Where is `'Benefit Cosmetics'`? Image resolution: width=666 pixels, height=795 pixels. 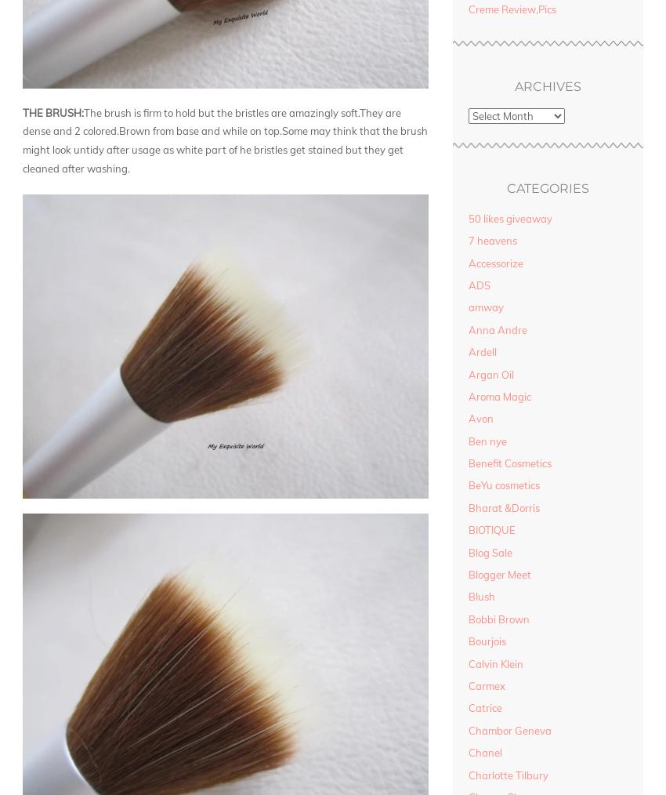
'Benefit Cosmetics' is located at coordinates (467, 462).